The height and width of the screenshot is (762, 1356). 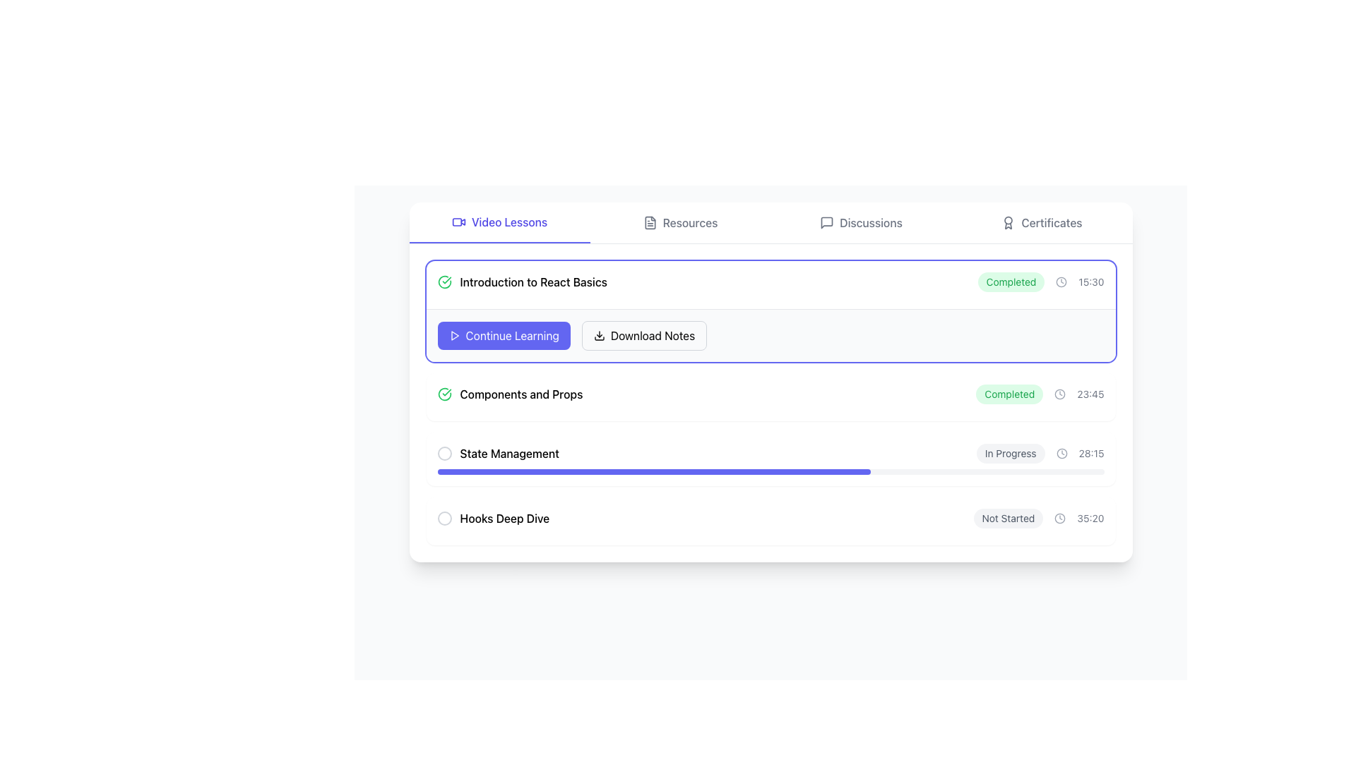 I want to click on the clock icon that represents timestamp information, located between the text 'Completed' and '23:45', so click(x=1060, y=394).